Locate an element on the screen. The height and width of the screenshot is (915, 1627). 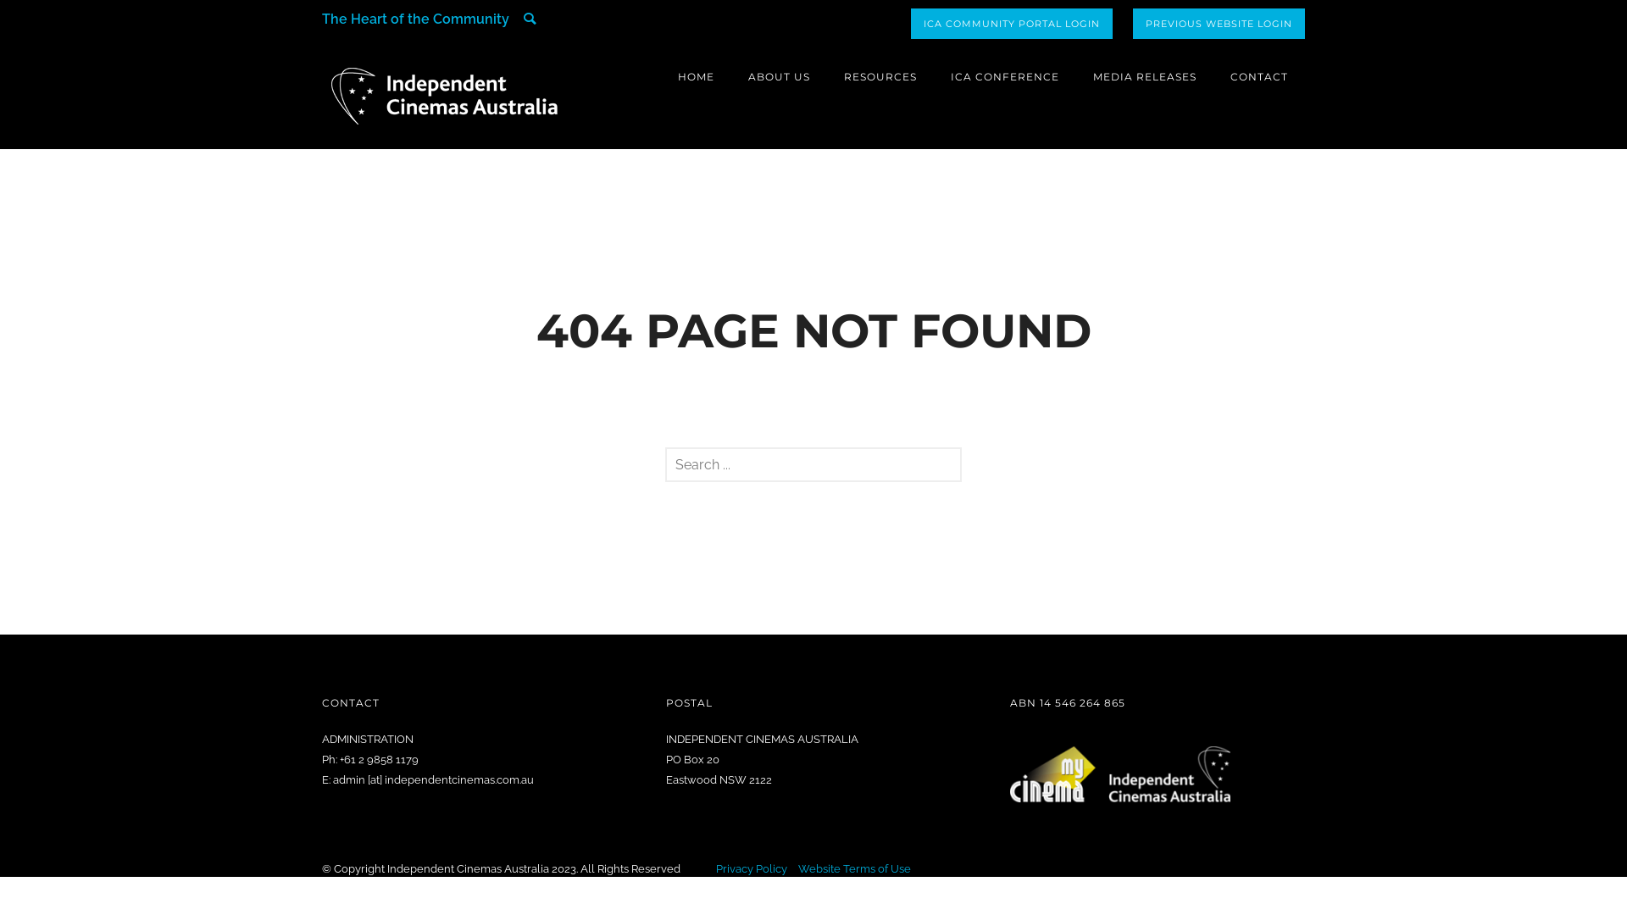
'ICA CONFERENCE' is located at coordinates (1004, 76).